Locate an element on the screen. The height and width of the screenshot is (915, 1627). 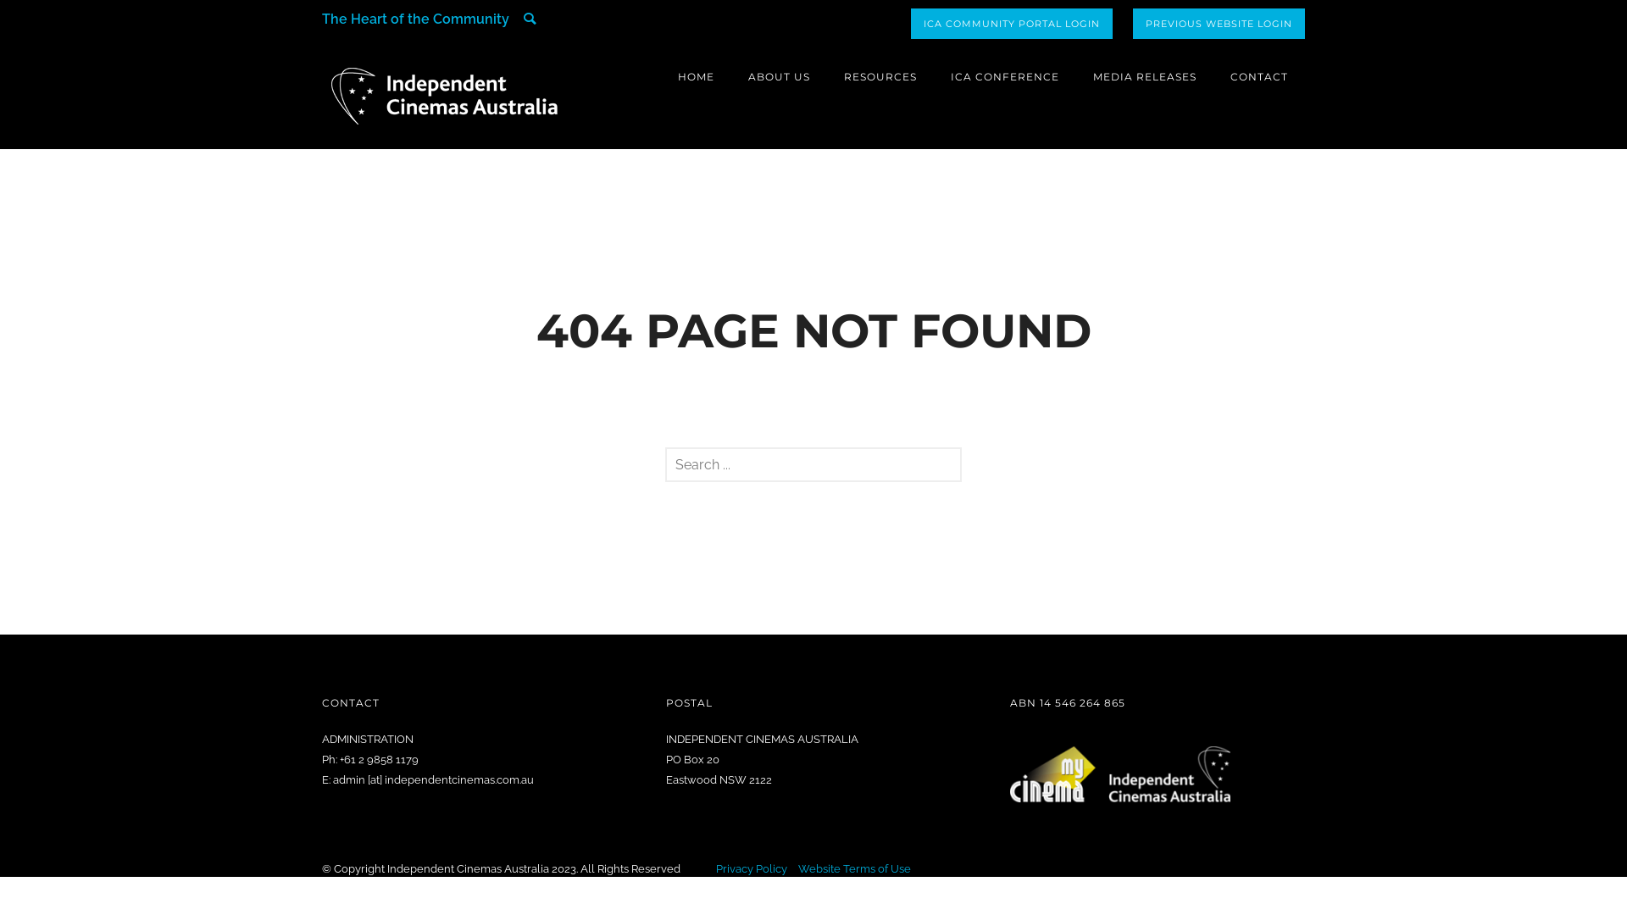
'ICA CONFERENCE' is located at coordinates (1004, 76).